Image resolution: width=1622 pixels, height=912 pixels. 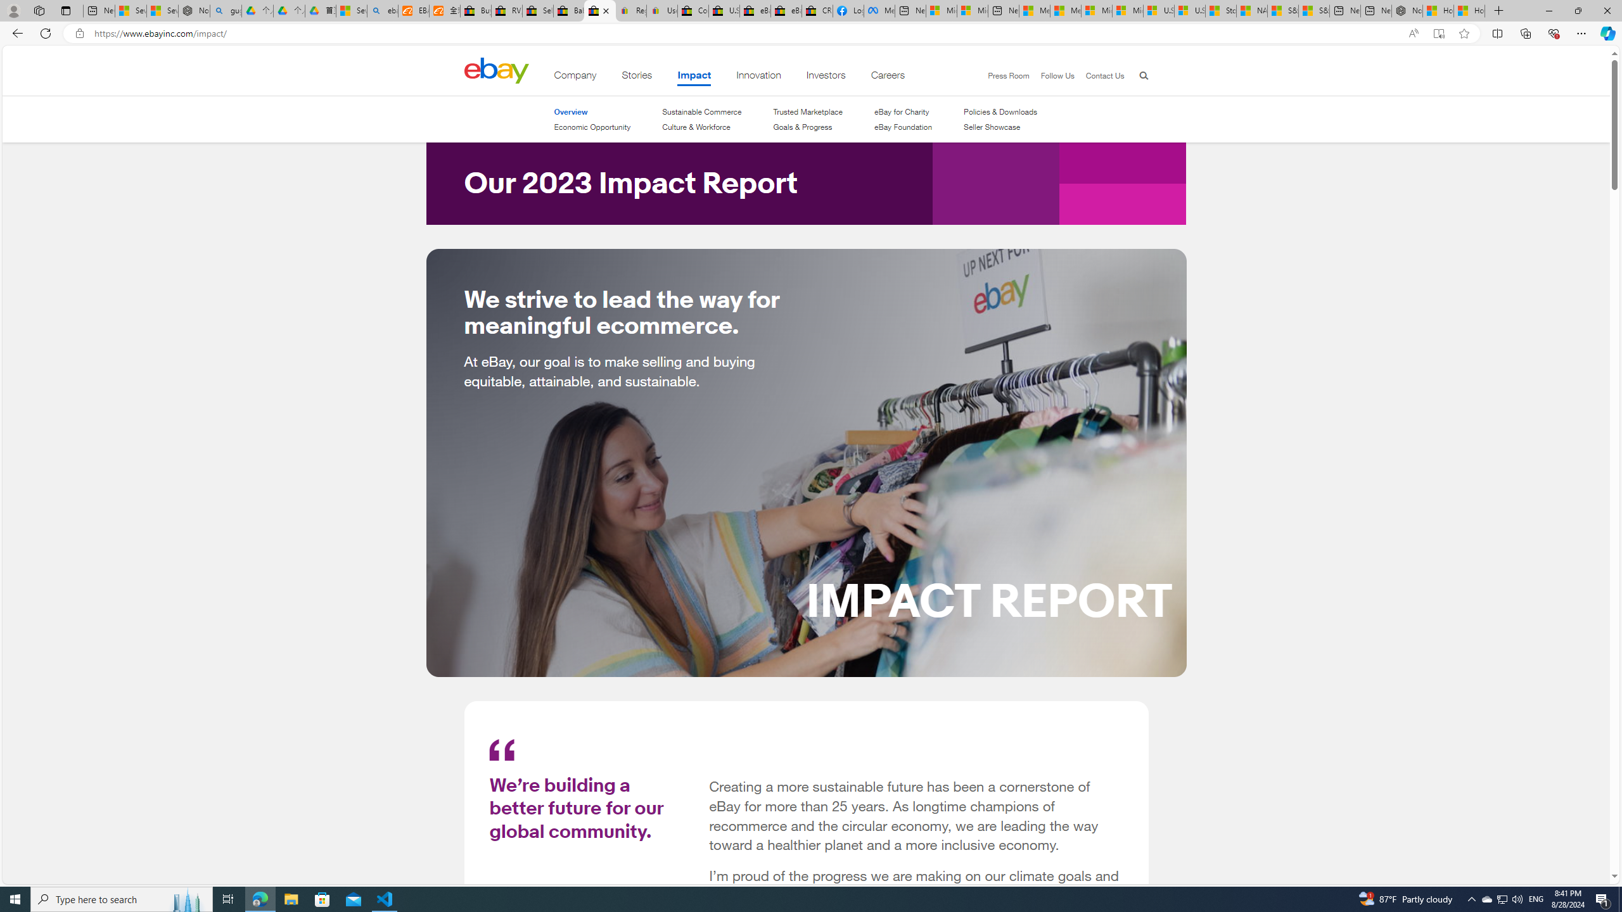 I want to click on 'Investors', so click(x=826, y=77).